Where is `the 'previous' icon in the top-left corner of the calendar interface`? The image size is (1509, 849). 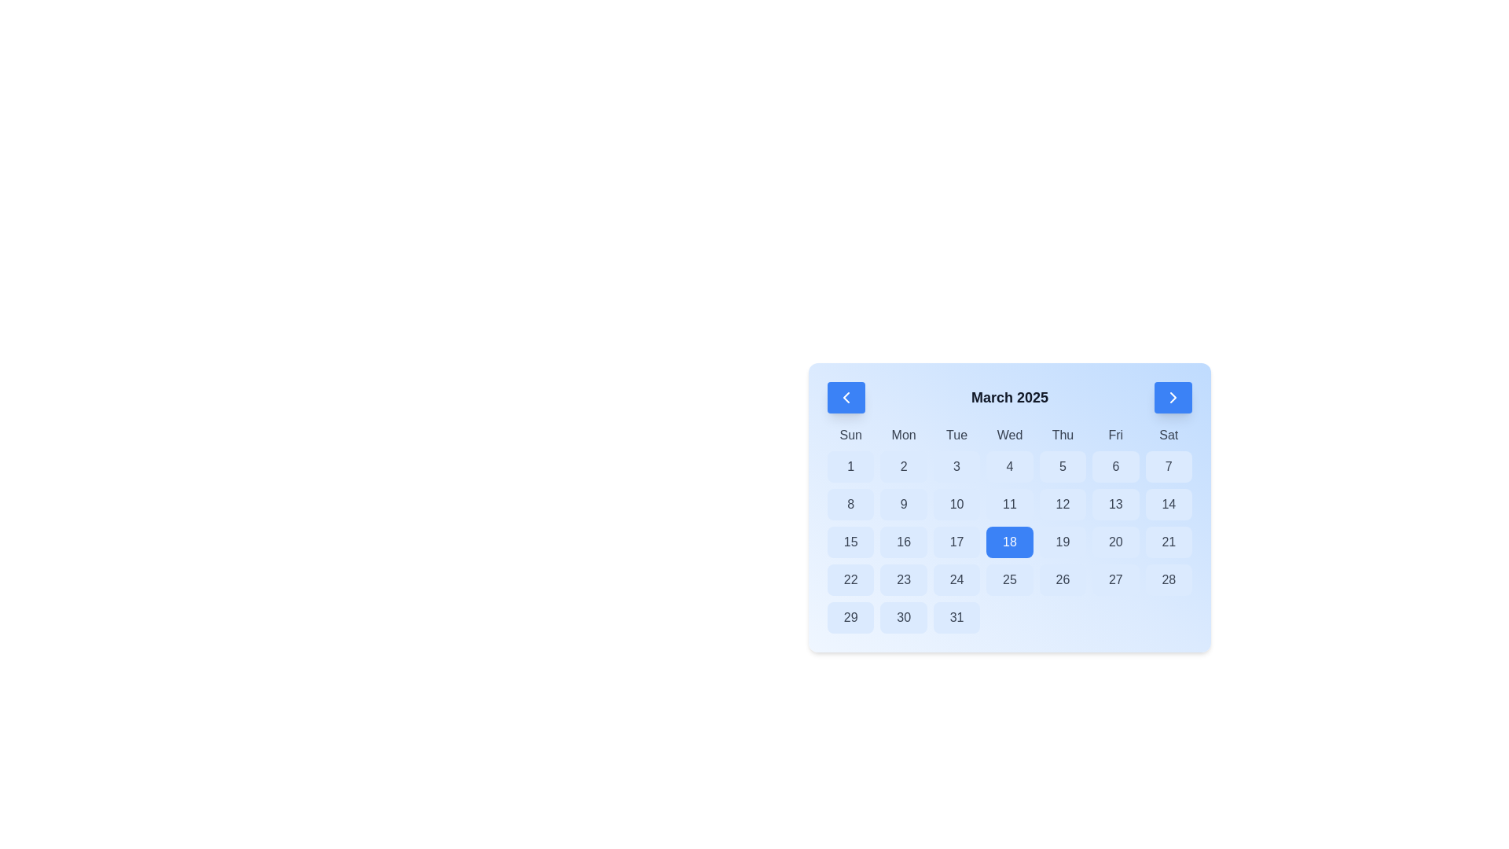
the 'previous' icon in the top-left corner of the calendar interface is located at coordinates (845, 396).